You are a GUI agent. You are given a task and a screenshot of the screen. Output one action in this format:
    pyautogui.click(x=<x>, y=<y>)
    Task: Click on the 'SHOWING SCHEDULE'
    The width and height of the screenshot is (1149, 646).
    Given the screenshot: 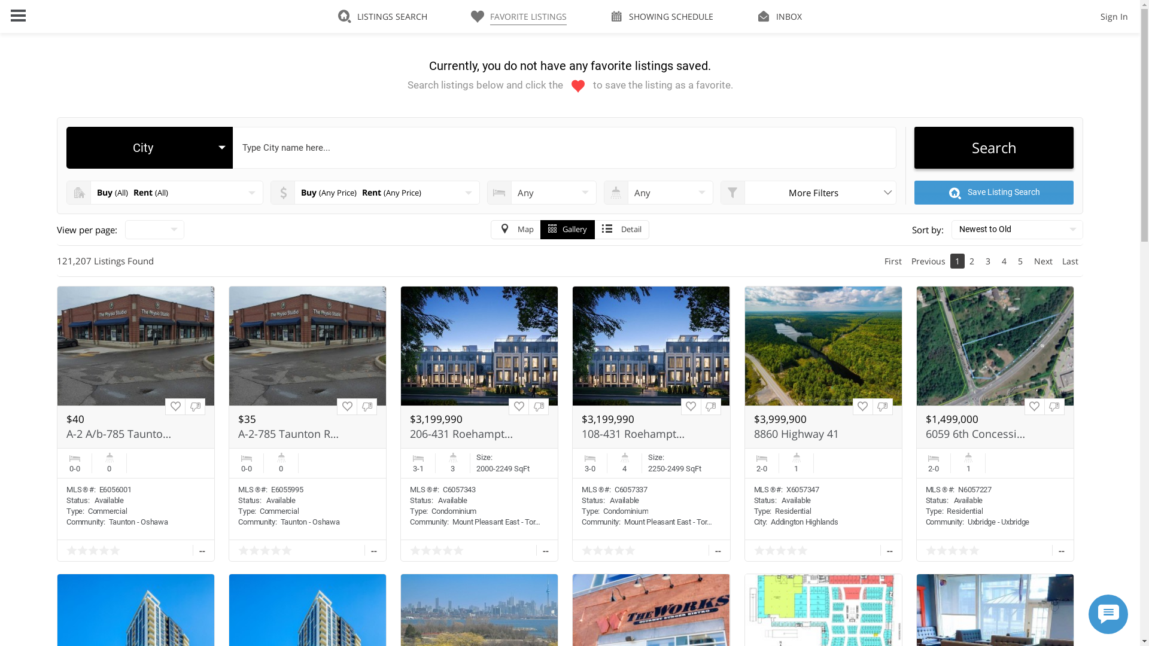 What is the action you would take?
    pyautogui.click(x=661, y=16)
    